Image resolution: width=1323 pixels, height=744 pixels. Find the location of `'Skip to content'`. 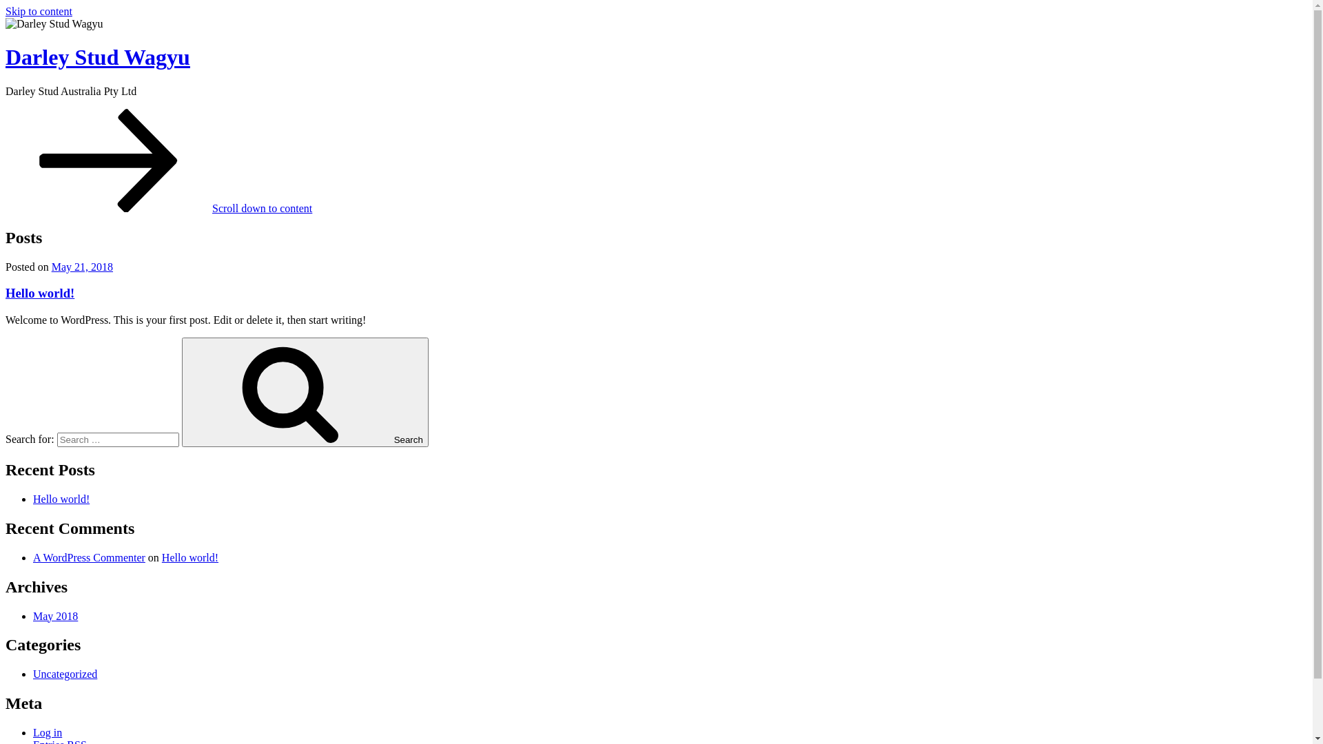

'Skip to content' is located at coordinates (39, 11).